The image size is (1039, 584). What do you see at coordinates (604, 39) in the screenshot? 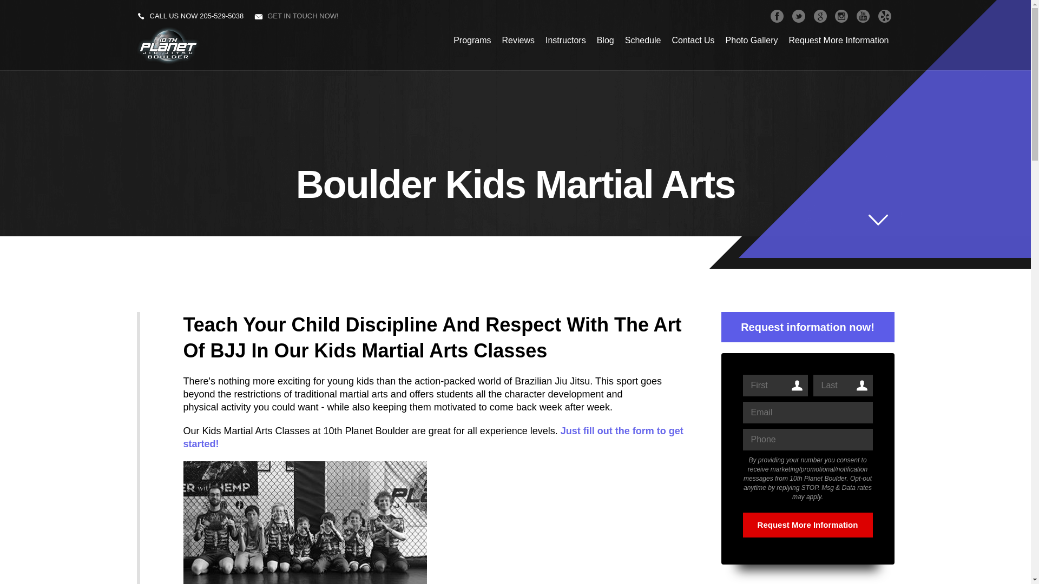
I see `'Blog'` at bounding box center [604, 39].